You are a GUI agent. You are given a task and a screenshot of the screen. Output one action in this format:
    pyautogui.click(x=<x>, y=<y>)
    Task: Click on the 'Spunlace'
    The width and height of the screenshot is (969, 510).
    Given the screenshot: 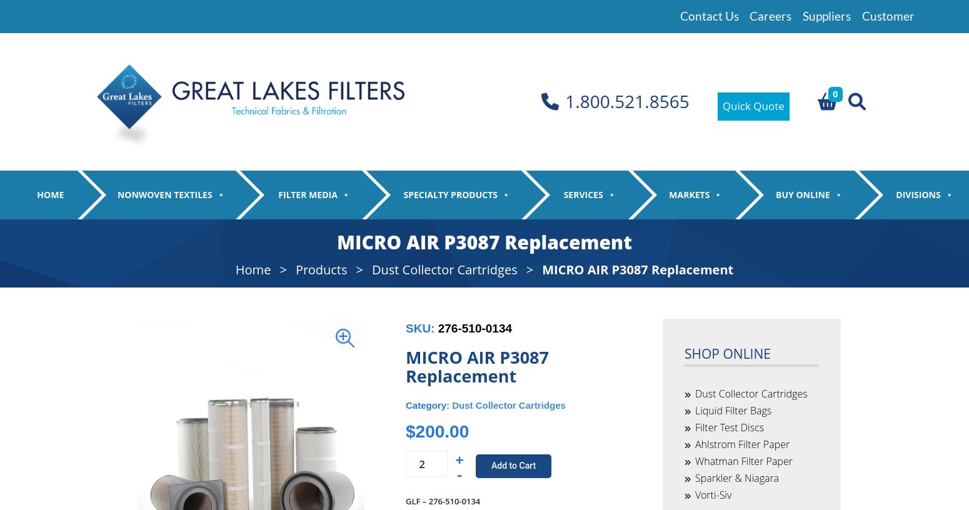 What is the action you would take?
    pyautogui.click(x=104, y=279)
    